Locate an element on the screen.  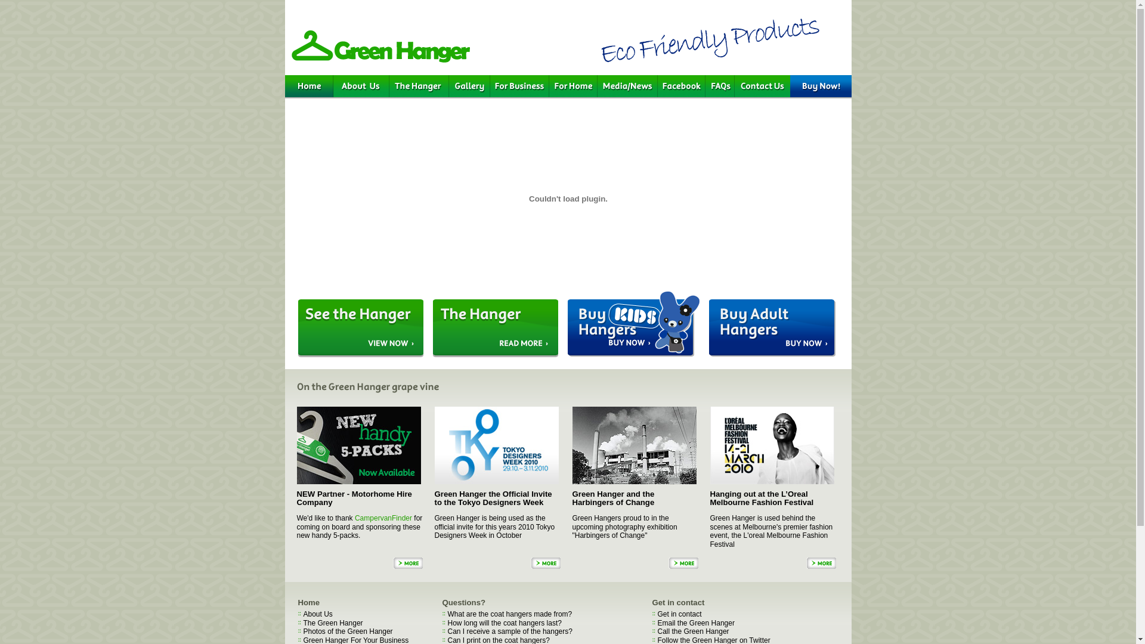
'Call the Green Hanger' is located at coordinates (657, 631).